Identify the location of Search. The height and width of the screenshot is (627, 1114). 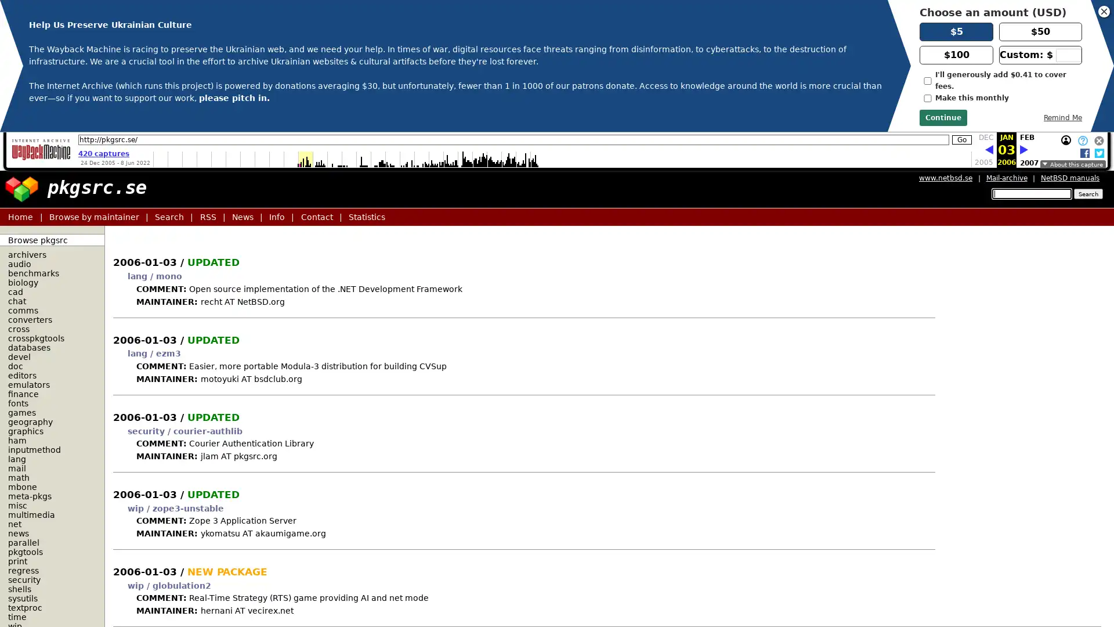
(1087, 193).